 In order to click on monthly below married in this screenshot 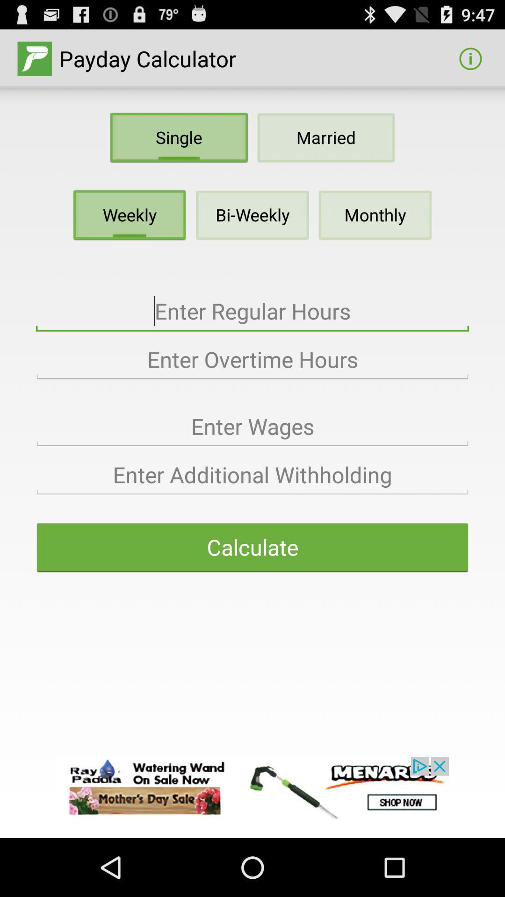, I will do `click(375, 214)`.